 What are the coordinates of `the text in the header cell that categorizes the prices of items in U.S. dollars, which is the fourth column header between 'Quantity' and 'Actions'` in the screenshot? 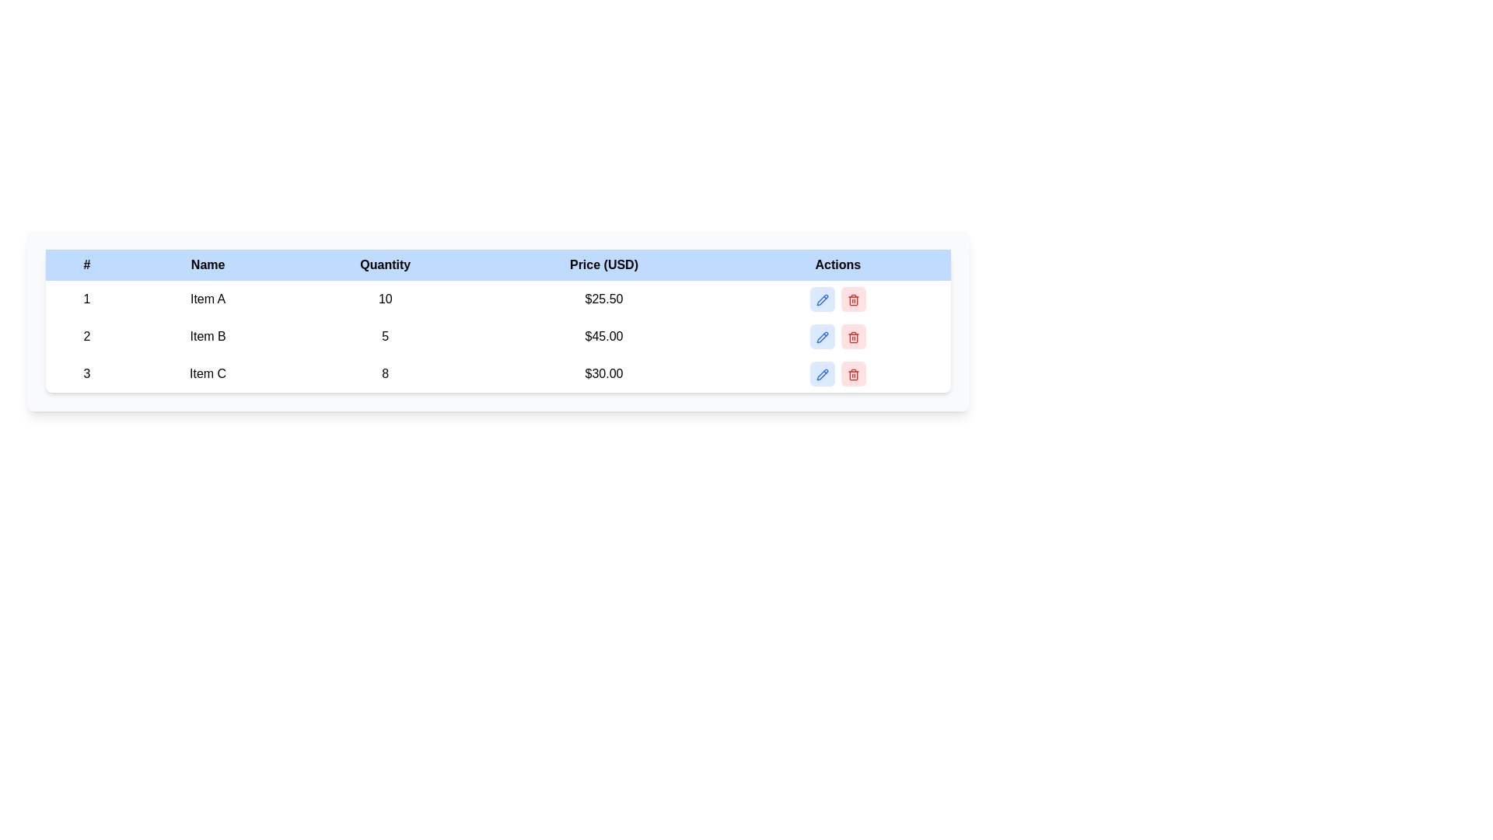 It's located at (603, 264).